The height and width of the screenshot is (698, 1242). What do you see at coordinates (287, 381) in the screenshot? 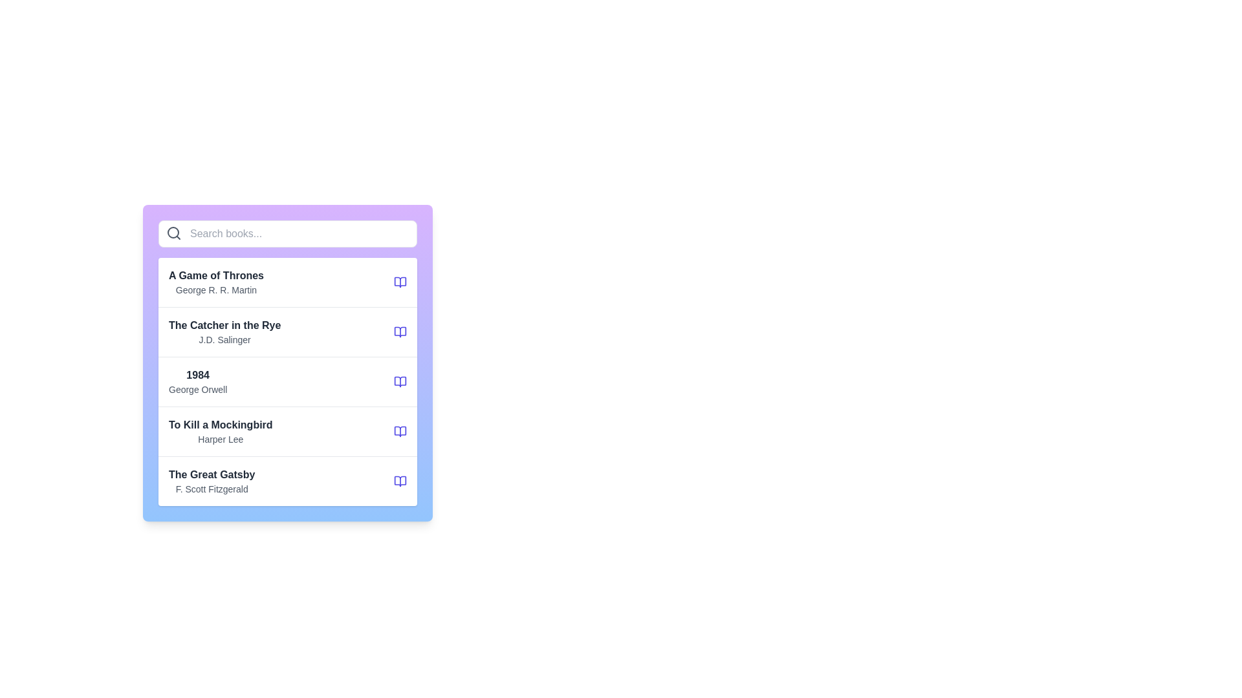
I see `on the selectable list item representing the book '1984' by George Orwell, which is the third item in the vertical list of books` at bounding box center [287, 381].